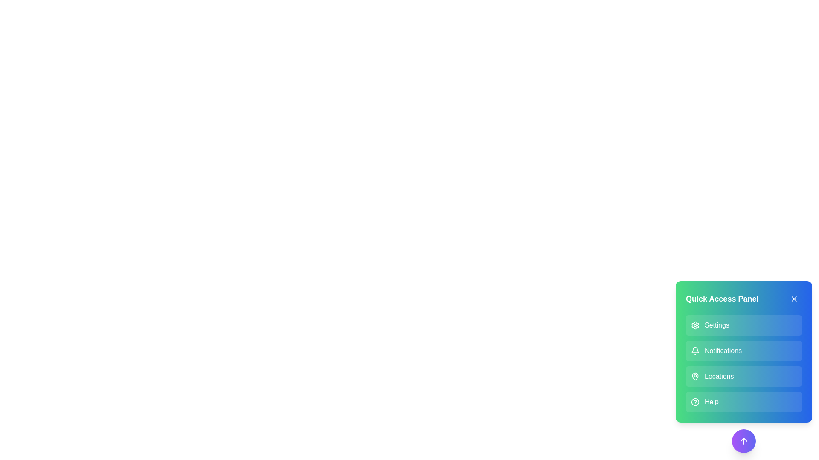 The height and width of the screenshot is (460, 819). Describe the element at coordinates (743, 366) in the screenshot. I see `the 'Locations' button, which is a rectangular button with a gradient background from green to blue, located in the third position among four vertical buttons in the bottom-right panel` at that location.